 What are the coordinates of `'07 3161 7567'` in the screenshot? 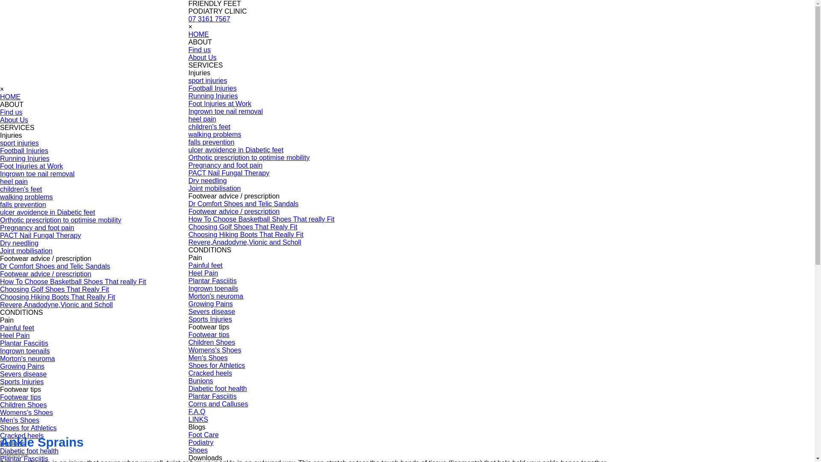 It's located at (209, 19).